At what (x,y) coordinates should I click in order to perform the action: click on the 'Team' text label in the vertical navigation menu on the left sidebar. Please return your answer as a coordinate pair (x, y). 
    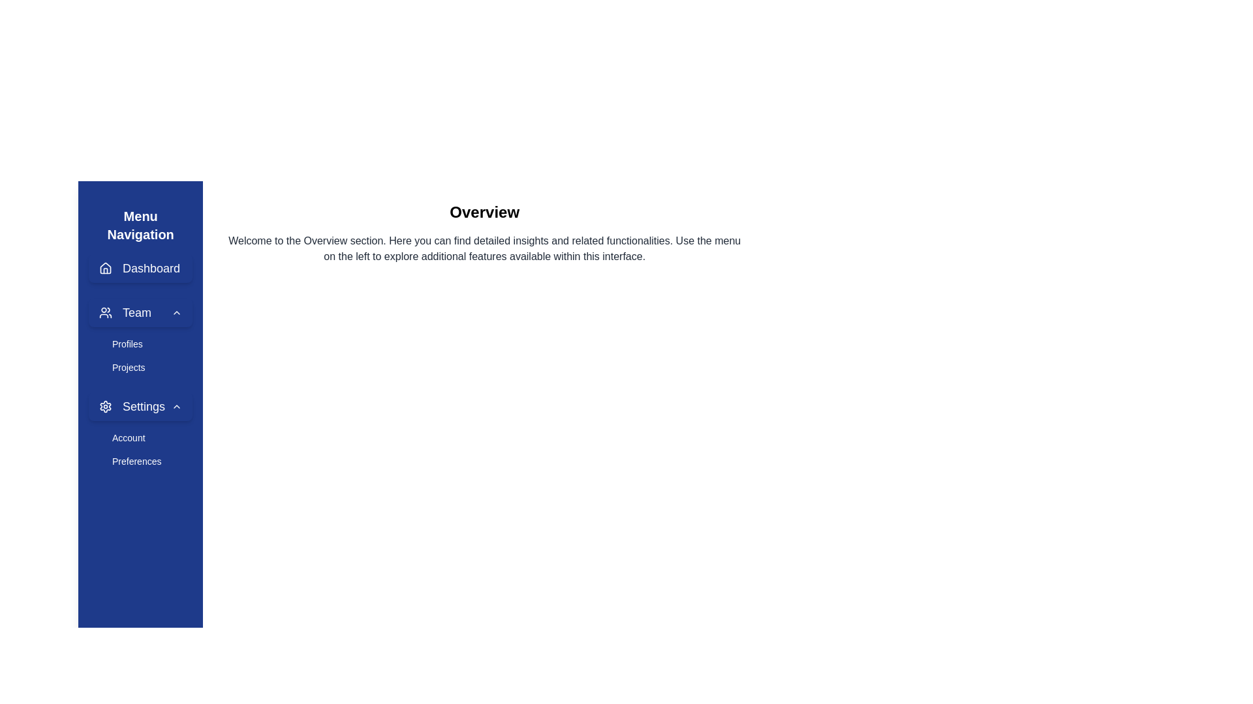
    Looking at the image, I should click on (147, 312).